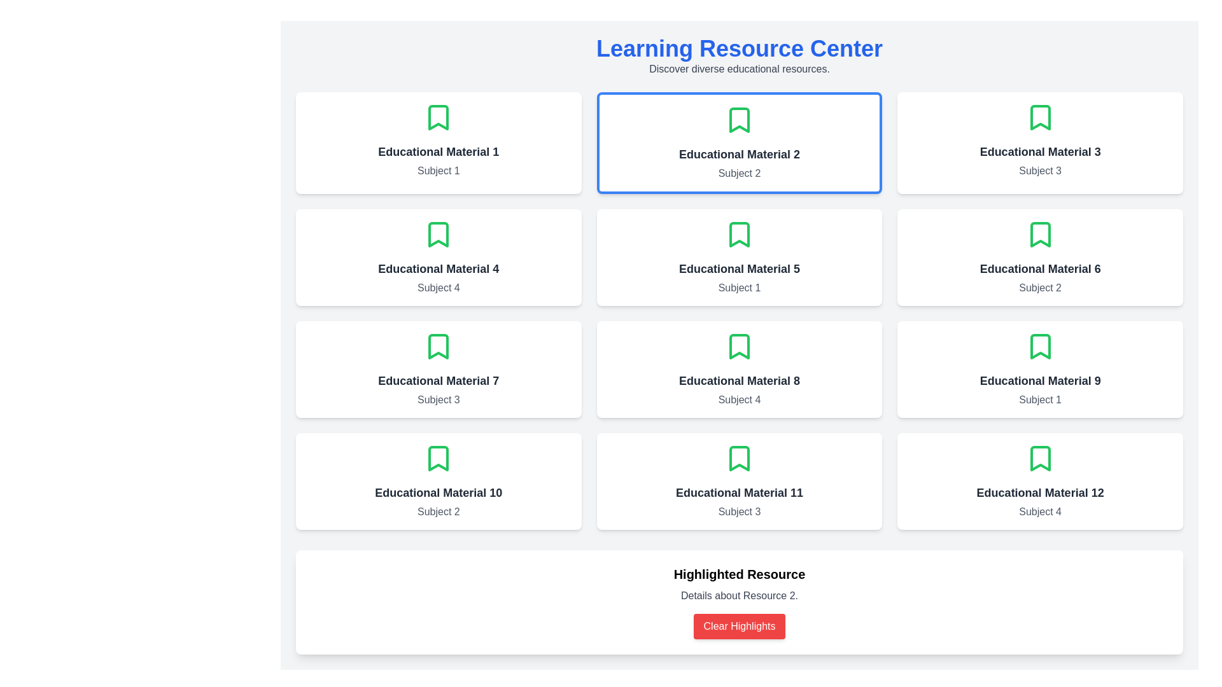 This screenshot has width=1222, height=687. Describe the element at coordinates (739, 154) in the screenshot. I see `the text label or heading that serves as a title for the educational resource in the second card of the first row, positioned below the green bookmark icon and above the subject text` at that location.